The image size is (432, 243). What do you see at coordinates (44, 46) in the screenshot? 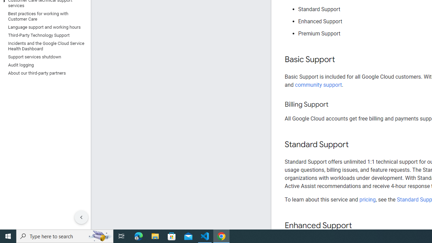
I see `'Incidents and the Google Cloud Service Health Dashboard'` at bounding box center [44, 46].